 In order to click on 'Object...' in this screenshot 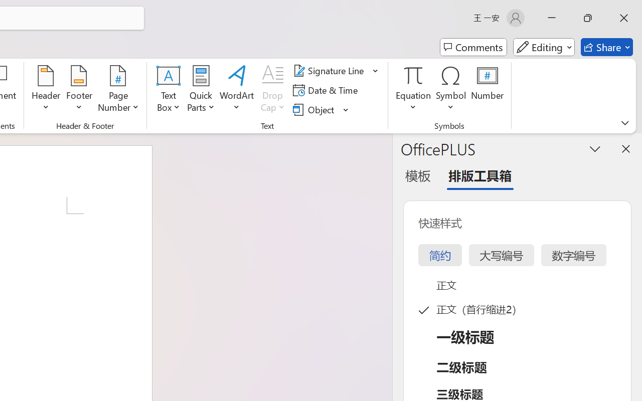, I will do `click(321, 109)`.